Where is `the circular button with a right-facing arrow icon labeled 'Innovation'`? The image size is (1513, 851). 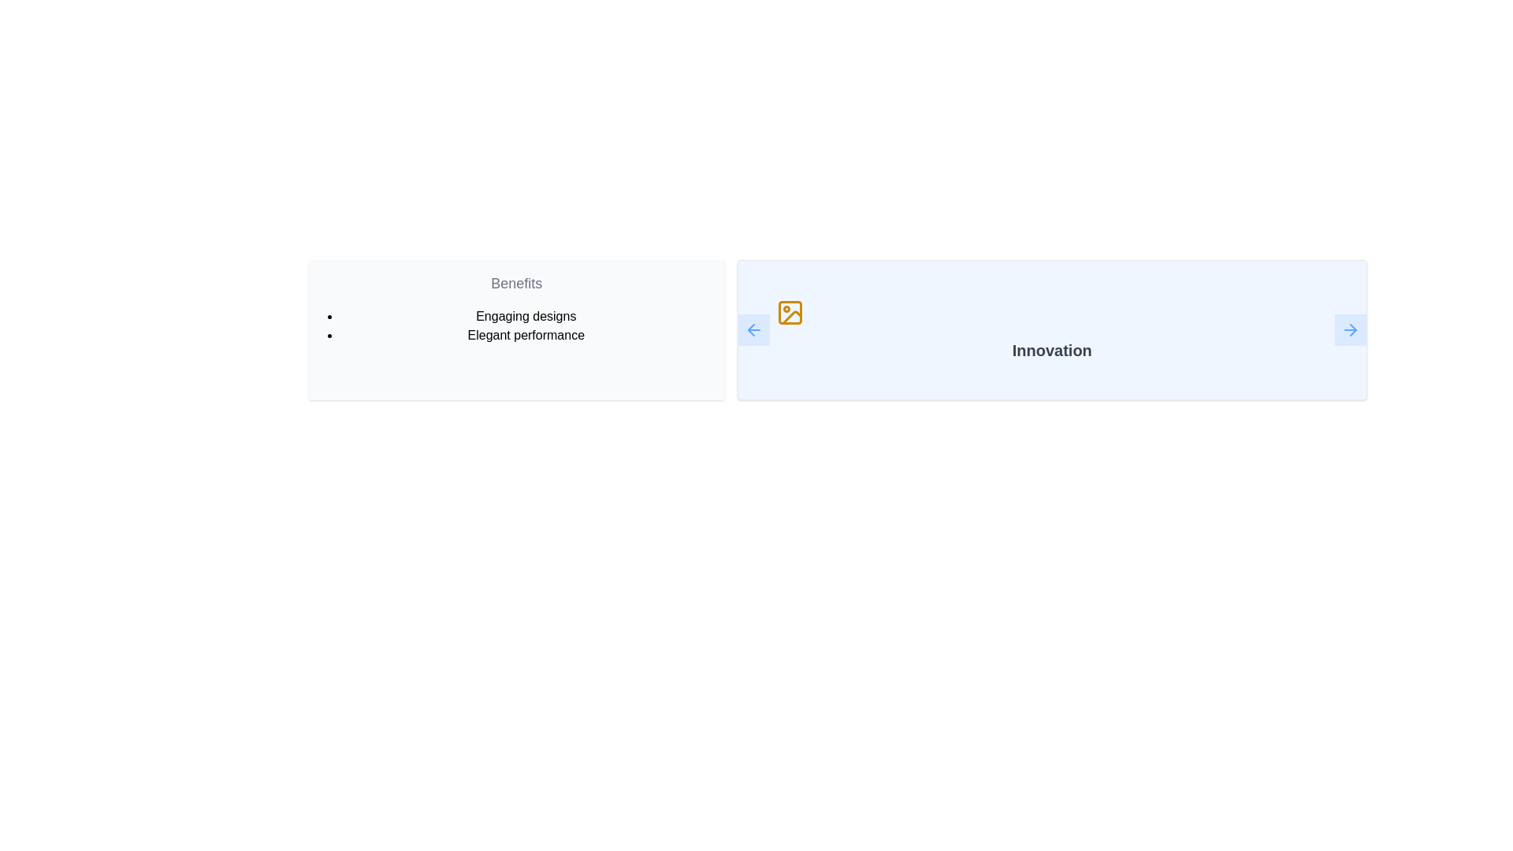
the circular button with a right-facing arrow icon labeled 'Innovation' is located at coordinates (1349, 329).